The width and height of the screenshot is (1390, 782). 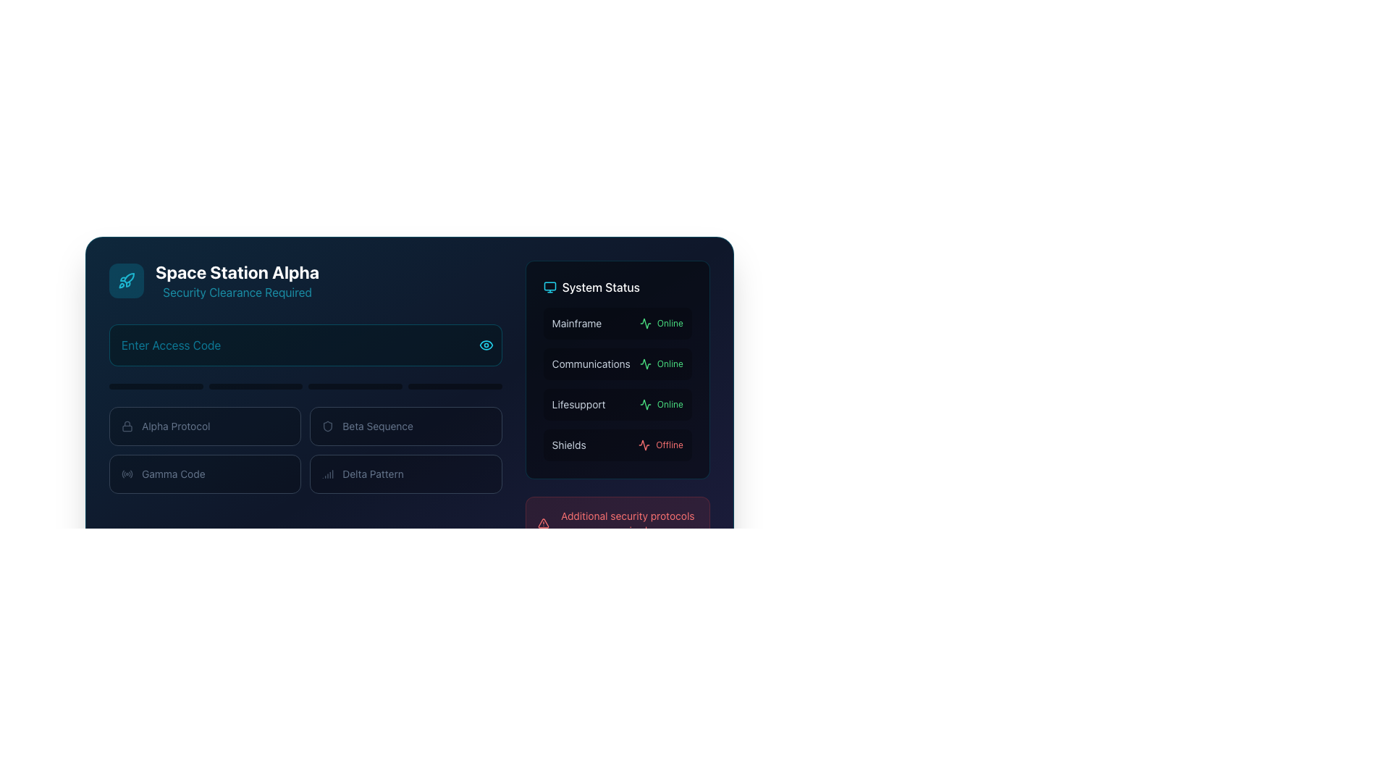 I want to click on the lock icon that signifies the 'Alpha Protocol' option, located at the top-left corner of the button labeled 'Alpha Protocol', so click(x=127, y=426).